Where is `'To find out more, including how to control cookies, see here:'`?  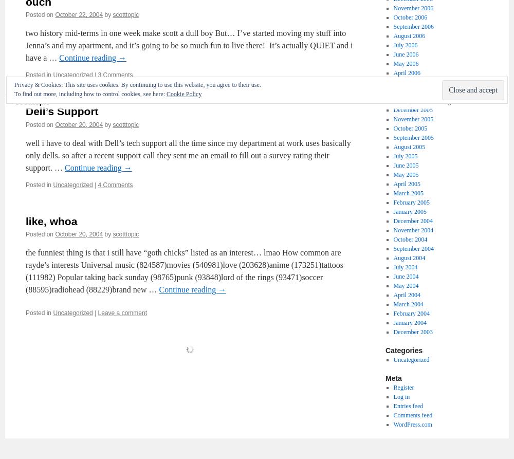 'To find out more, including how to control cookies, see here:' is located at coordinates (90, 93).